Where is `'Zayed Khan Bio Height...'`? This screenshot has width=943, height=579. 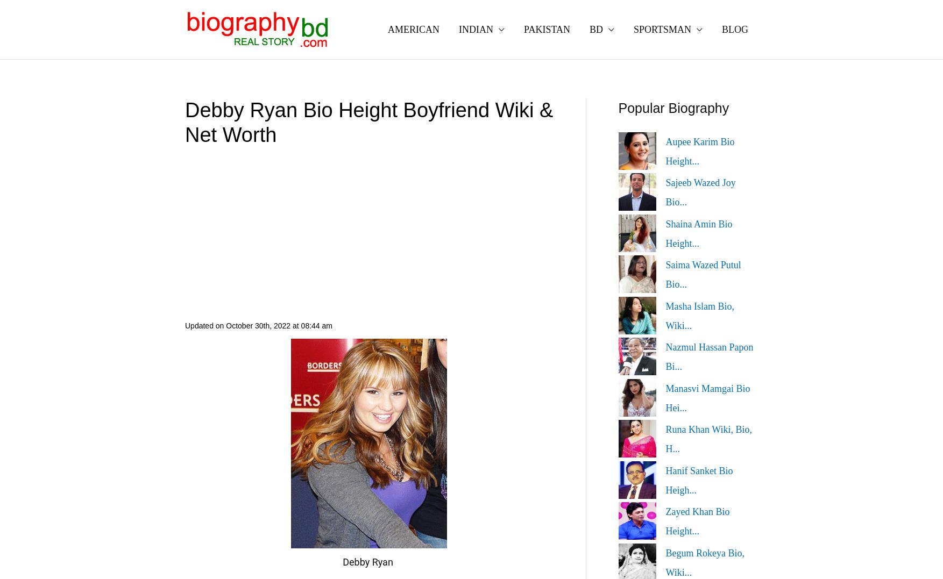
'Zayed Khan Bio Height...' is located at coordinates (697, 521).